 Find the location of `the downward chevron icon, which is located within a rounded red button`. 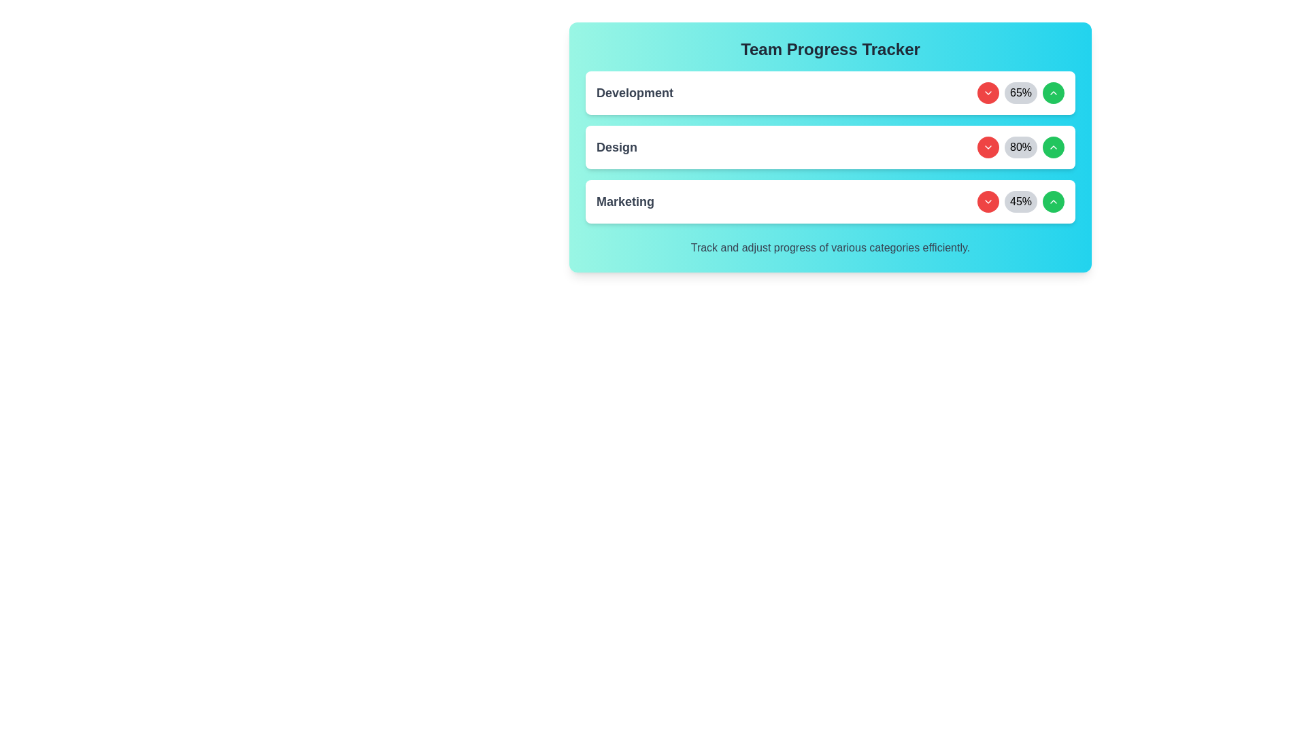

the downward chevron icon, which is located within a rounded red button is located at coordinates (988, 147).